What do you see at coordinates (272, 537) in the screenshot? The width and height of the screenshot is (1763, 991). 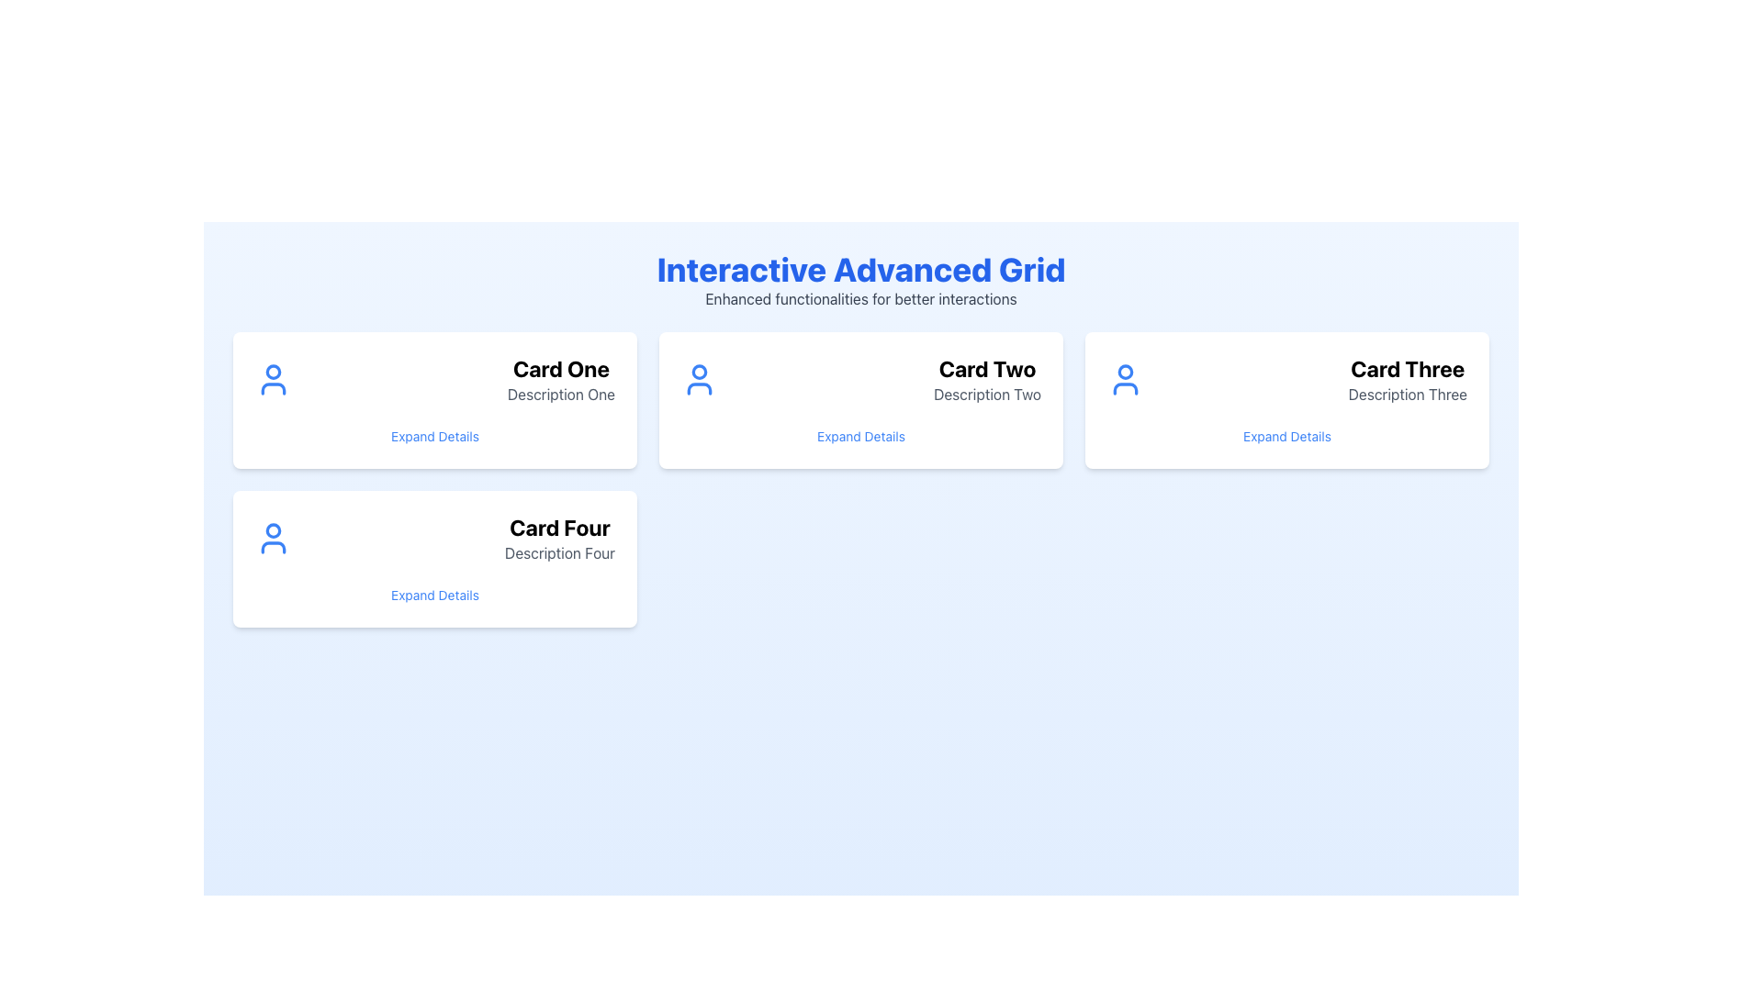 I see `the decorative user icon located at the left portion of 'Card Four', which is positioned in the bottom-left corner of the grid structure of cards` at bounding box center [272, 537].